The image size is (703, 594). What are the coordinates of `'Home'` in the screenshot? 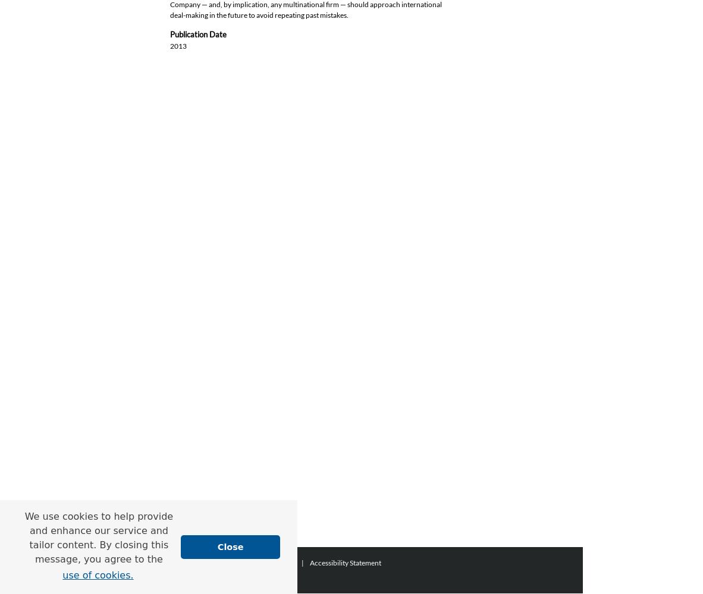 It's located at (171, 562).